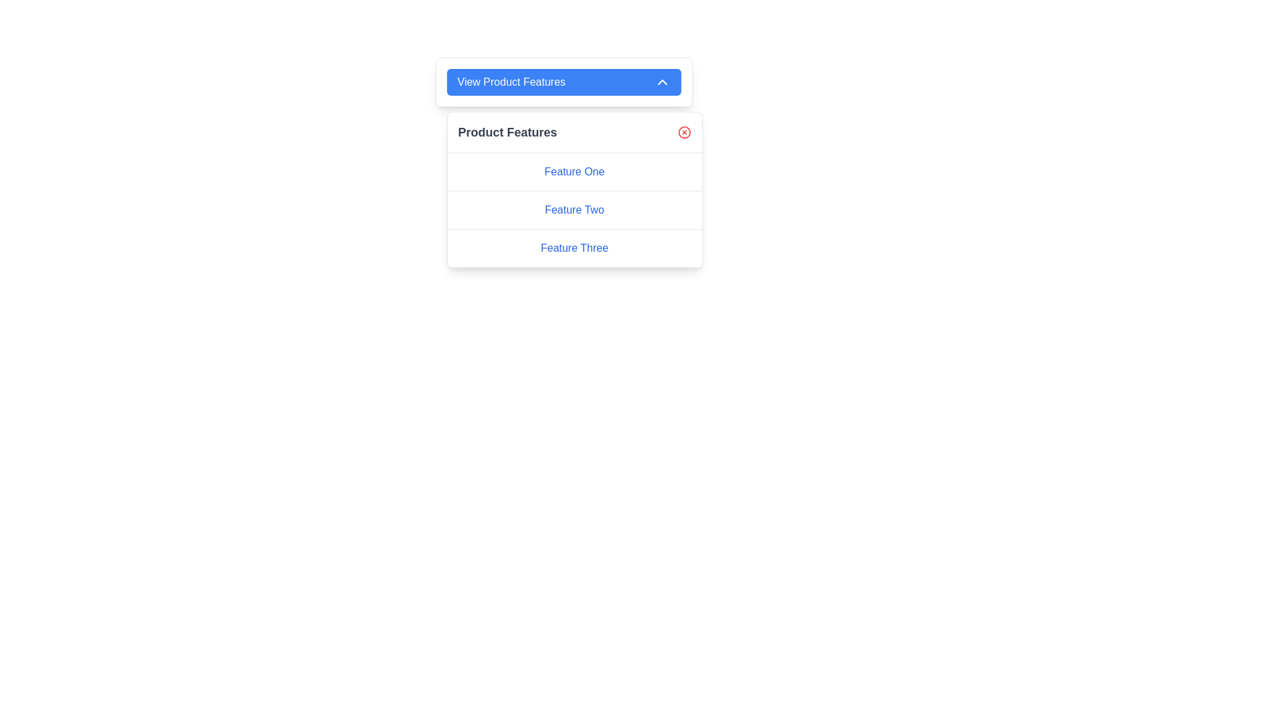  What do you see at coordinates (574, 210) in the screenshot?
I see `the text element displaying 'Feature Two' in the 'Product Features' dropdown list to focus on it` at bounding box center [574, 210].